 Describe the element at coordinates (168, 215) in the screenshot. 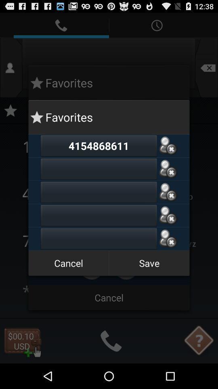

I see `delete entry` at that location.